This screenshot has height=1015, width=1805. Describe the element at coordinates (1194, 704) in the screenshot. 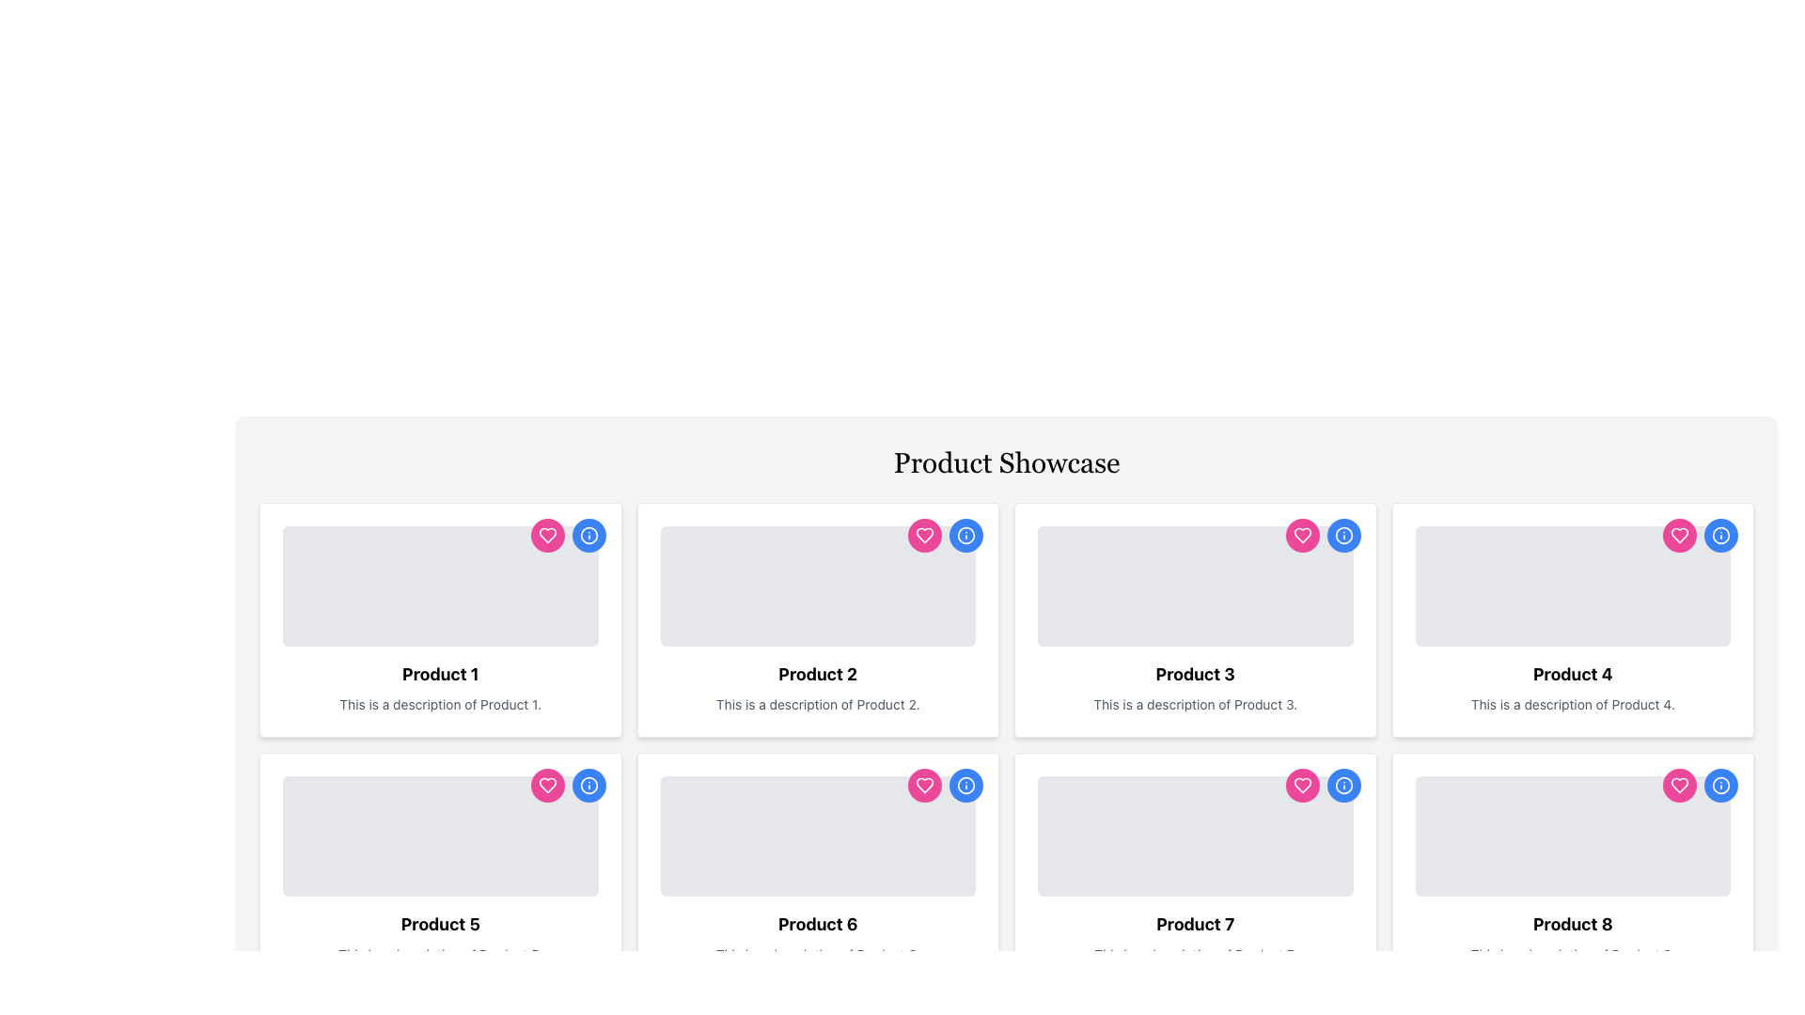

I see `text block that contains the description 'This is a description of Product 3.' located underneath the title 'Product 3' in the third product card of the grid layout` at that location.